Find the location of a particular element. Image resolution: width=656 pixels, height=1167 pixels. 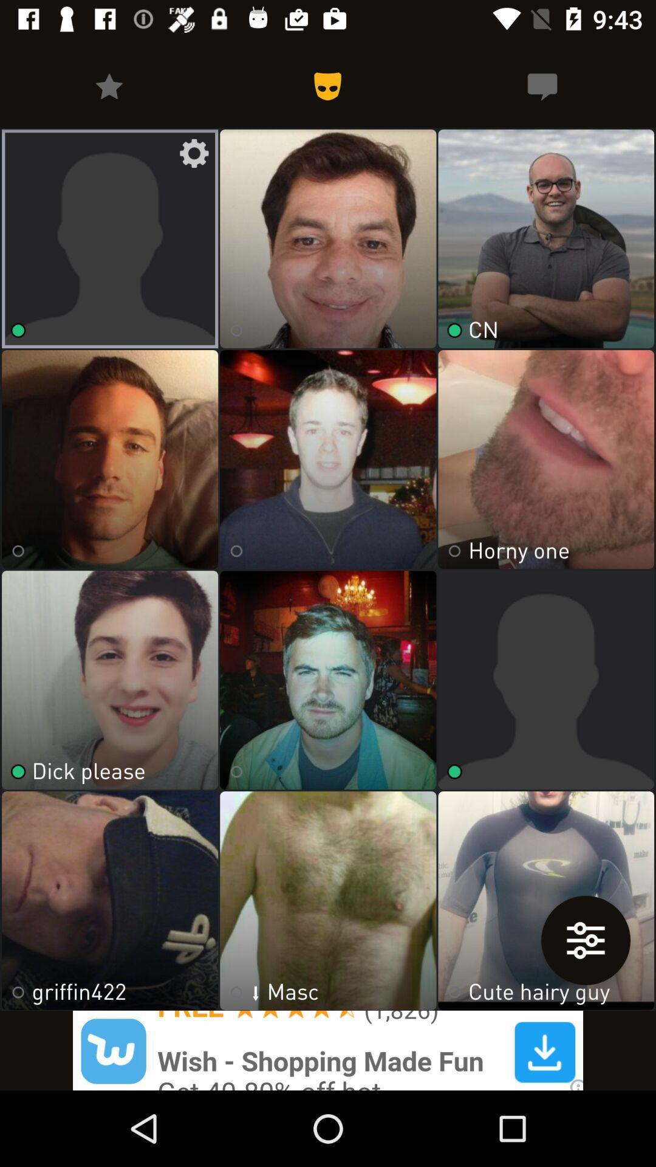

the sliders icon is located at coordinates (585, 940).